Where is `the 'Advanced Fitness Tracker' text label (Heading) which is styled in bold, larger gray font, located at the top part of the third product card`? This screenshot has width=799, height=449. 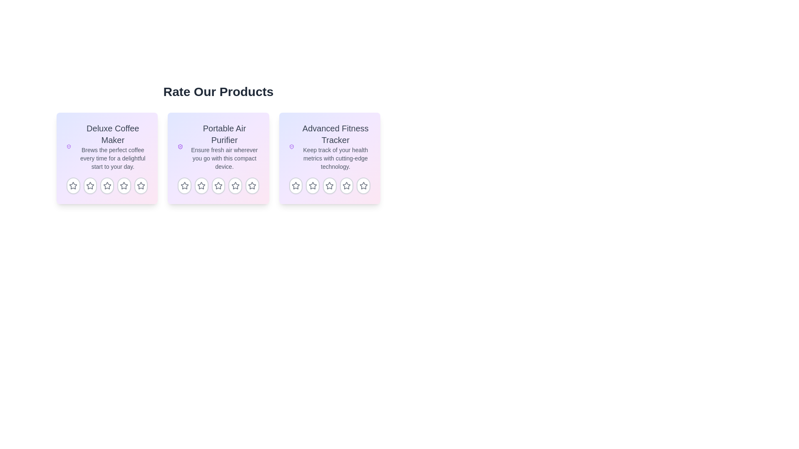 the 'Advanced Fitness Tracker' text label (Heading) which is styled in bold, larger gray font, located at the top part of the third product card is located at coordinates (335, 134).